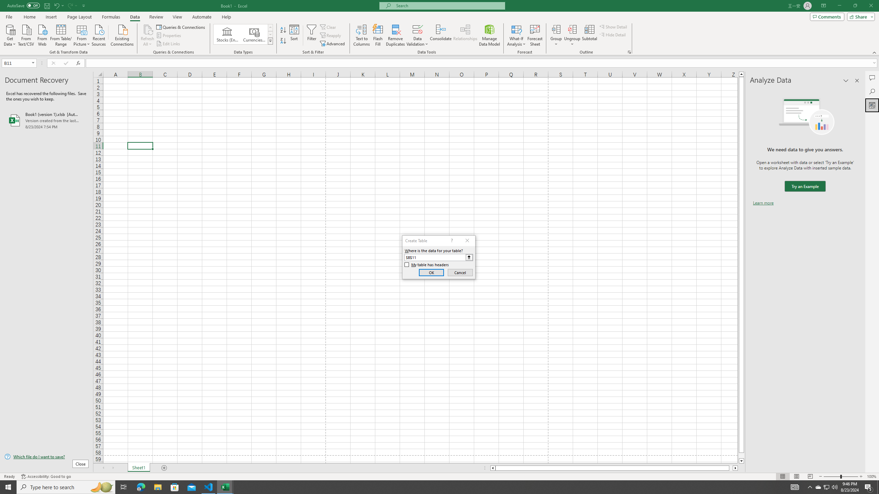 The image size is (879, 494). Describe the element at coordinates (441, 35) in the screenshot. I see `'Consolidate...'` at that location.